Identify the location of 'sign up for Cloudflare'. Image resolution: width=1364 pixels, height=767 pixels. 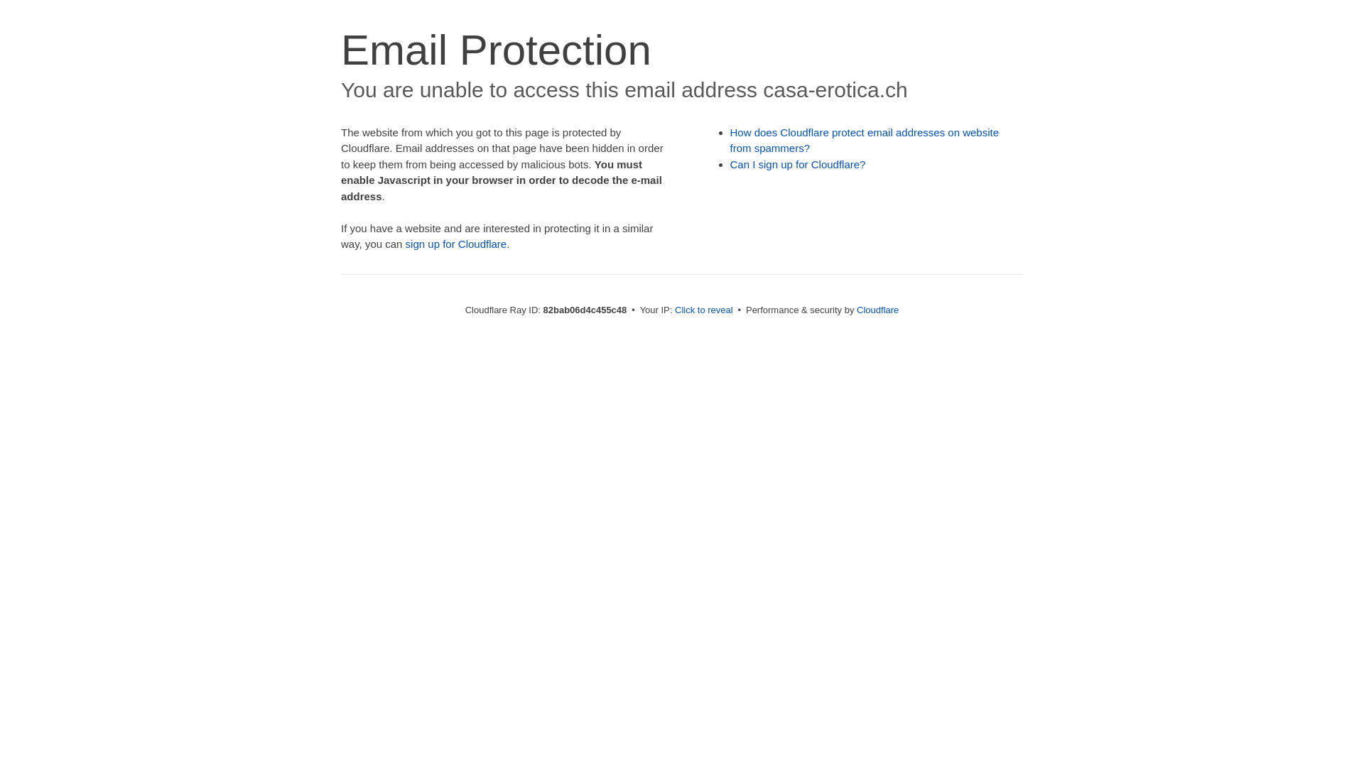
(456, 243).